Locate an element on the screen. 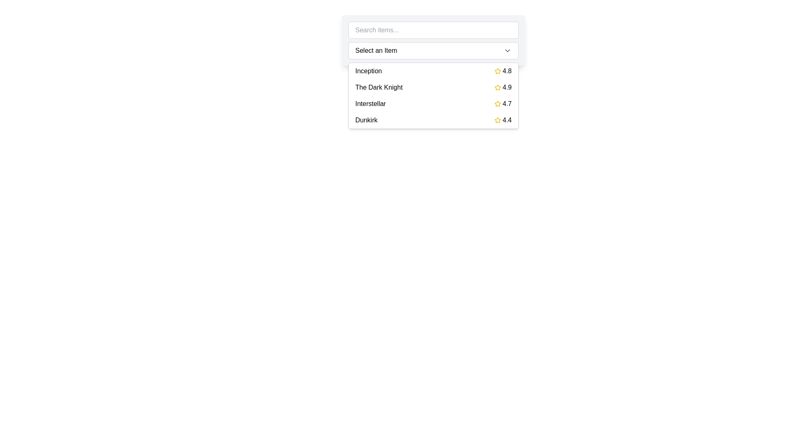 Image resolution: width=786 pixels, height=442 pixels. the rating display component showing the numerical text '4.8' and the adjacent star icon for the movie 'Inception' in the dropdown menu is located at coordinates (502, 70).